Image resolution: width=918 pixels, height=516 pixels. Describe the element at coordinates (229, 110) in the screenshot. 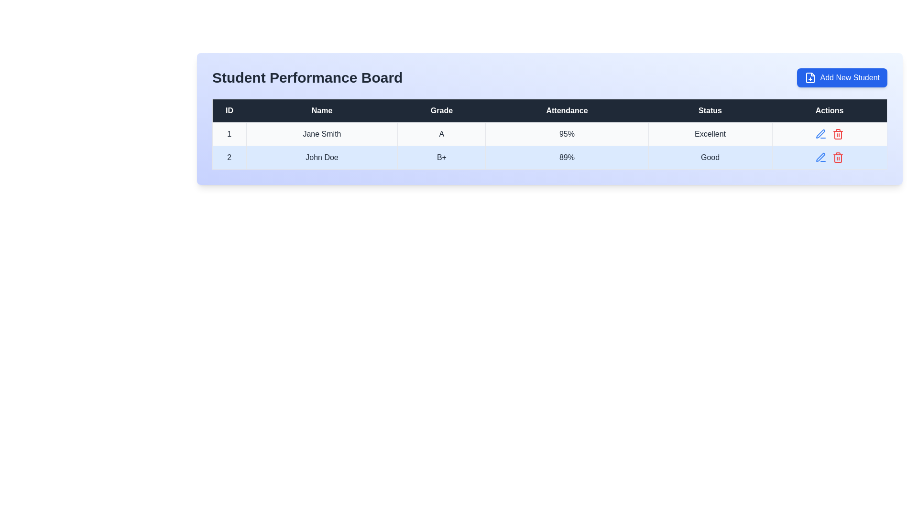

I see `the table column labeled 'ID' in the Student Performance Board, which is the first column header with a dark background and white text` at that location.